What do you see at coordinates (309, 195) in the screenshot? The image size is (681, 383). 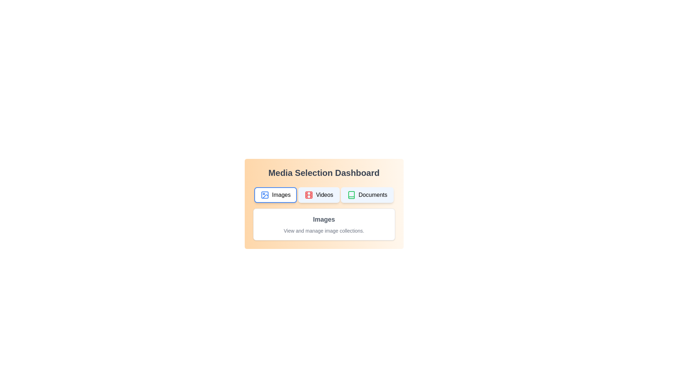 I see `the red filmstrip icon located to the left of the 'Videos' text in the button-like structure` at bounding box center [309, 195].